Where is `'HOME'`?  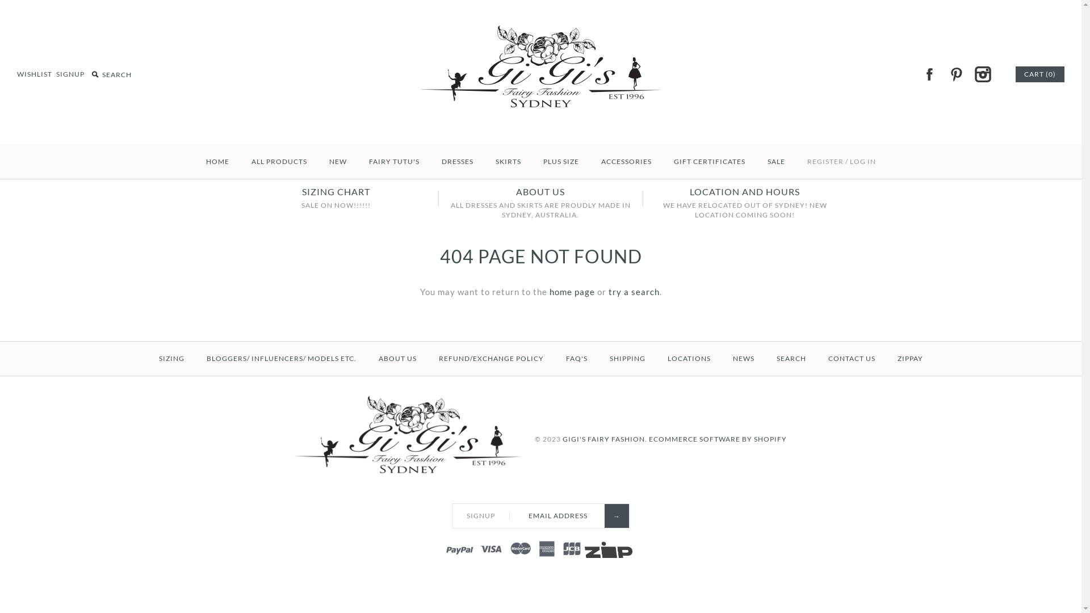 'HOME' is located at coordinates (217, 162).